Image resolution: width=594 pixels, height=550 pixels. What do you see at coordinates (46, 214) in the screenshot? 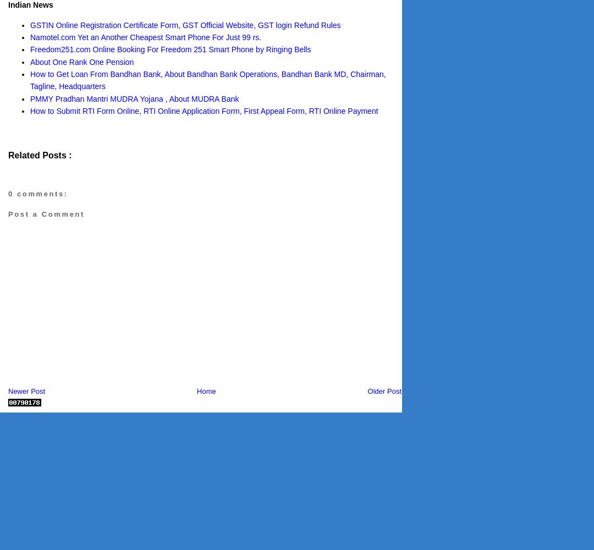
I see `'Post a Comment'` at bounding box center [46, 214].